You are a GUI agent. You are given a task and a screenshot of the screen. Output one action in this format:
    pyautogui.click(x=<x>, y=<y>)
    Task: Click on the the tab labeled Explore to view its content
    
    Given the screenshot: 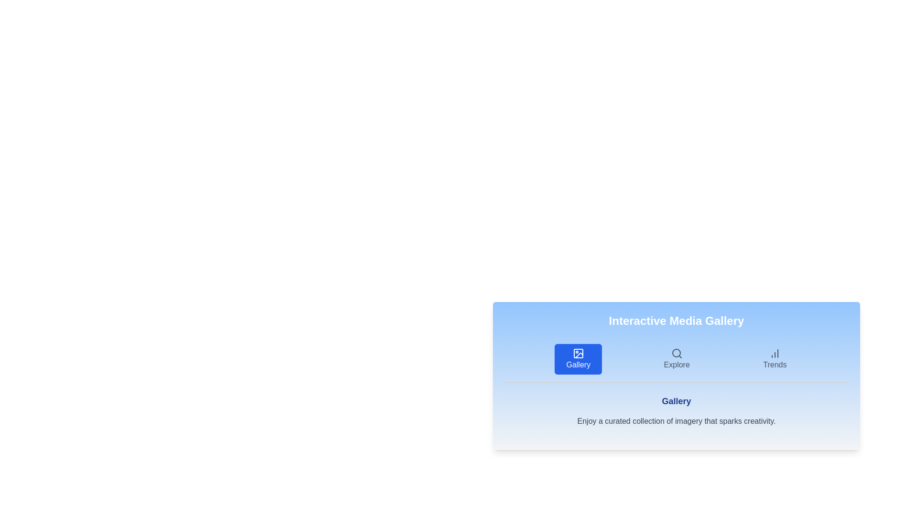 What is the action you would take?
    pyautogui.click(x=676, y=359)
    